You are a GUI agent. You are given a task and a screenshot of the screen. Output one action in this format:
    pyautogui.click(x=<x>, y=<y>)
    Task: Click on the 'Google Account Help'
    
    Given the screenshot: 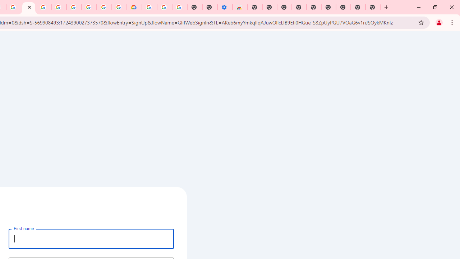 What is the action you would take?
    pyautogui.click(x=74, y=7)
    